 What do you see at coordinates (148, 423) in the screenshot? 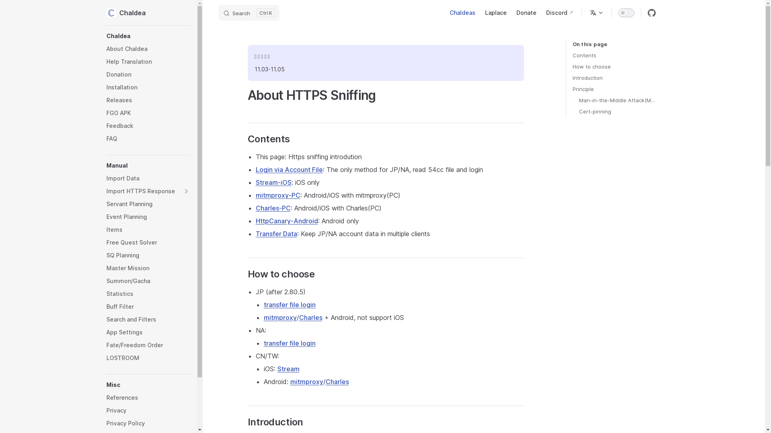
I see `'Privacy Policy'` at bounding box center [148, 423].